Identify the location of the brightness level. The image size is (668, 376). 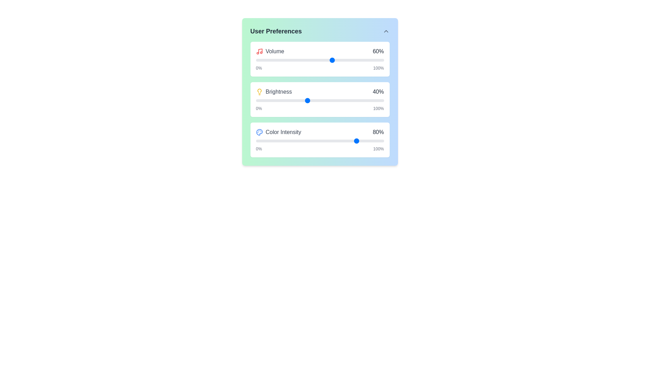
(273, 101).